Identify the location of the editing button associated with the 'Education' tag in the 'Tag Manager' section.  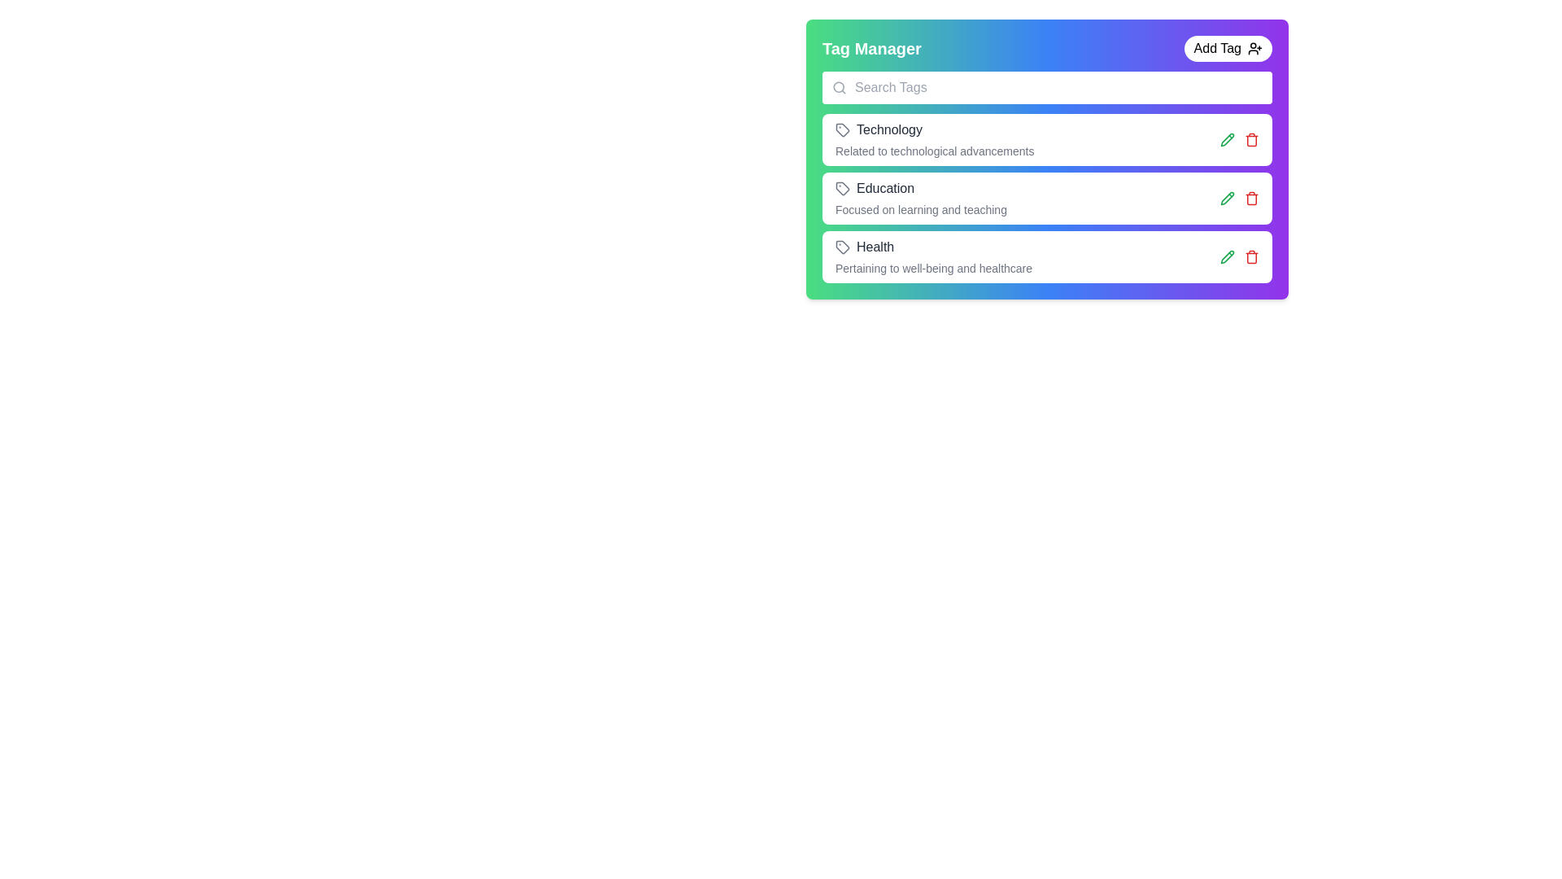
(1227, 139).